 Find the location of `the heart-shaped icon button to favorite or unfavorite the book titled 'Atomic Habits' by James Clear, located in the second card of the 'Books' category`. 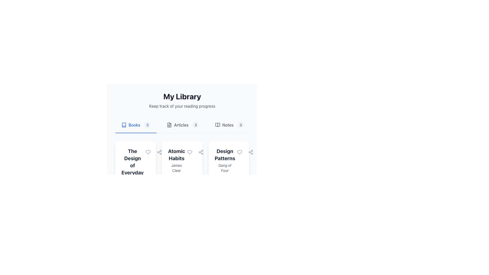

the heart-shaped icon button to favorite or unfavorite the book titled 'Atomic Habits' by James Clear, located in the second card of the 'Books' category is located at coordinates (189, 152).